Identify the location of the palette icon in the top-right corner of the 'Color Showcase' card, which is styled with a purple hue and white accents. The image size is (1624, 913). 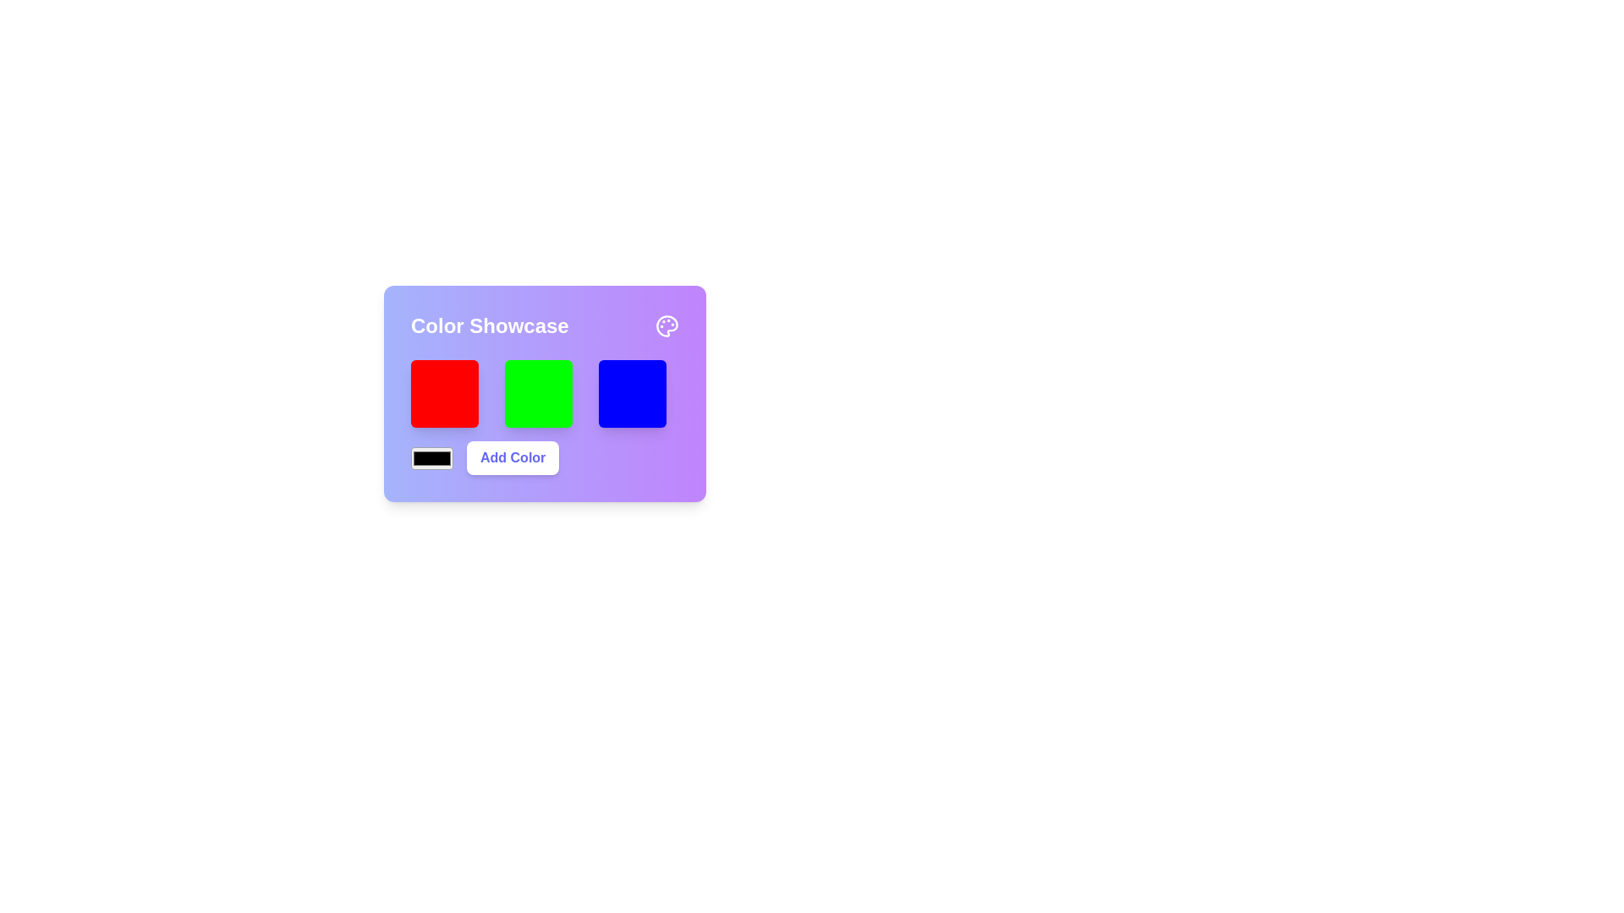
(666, 325).